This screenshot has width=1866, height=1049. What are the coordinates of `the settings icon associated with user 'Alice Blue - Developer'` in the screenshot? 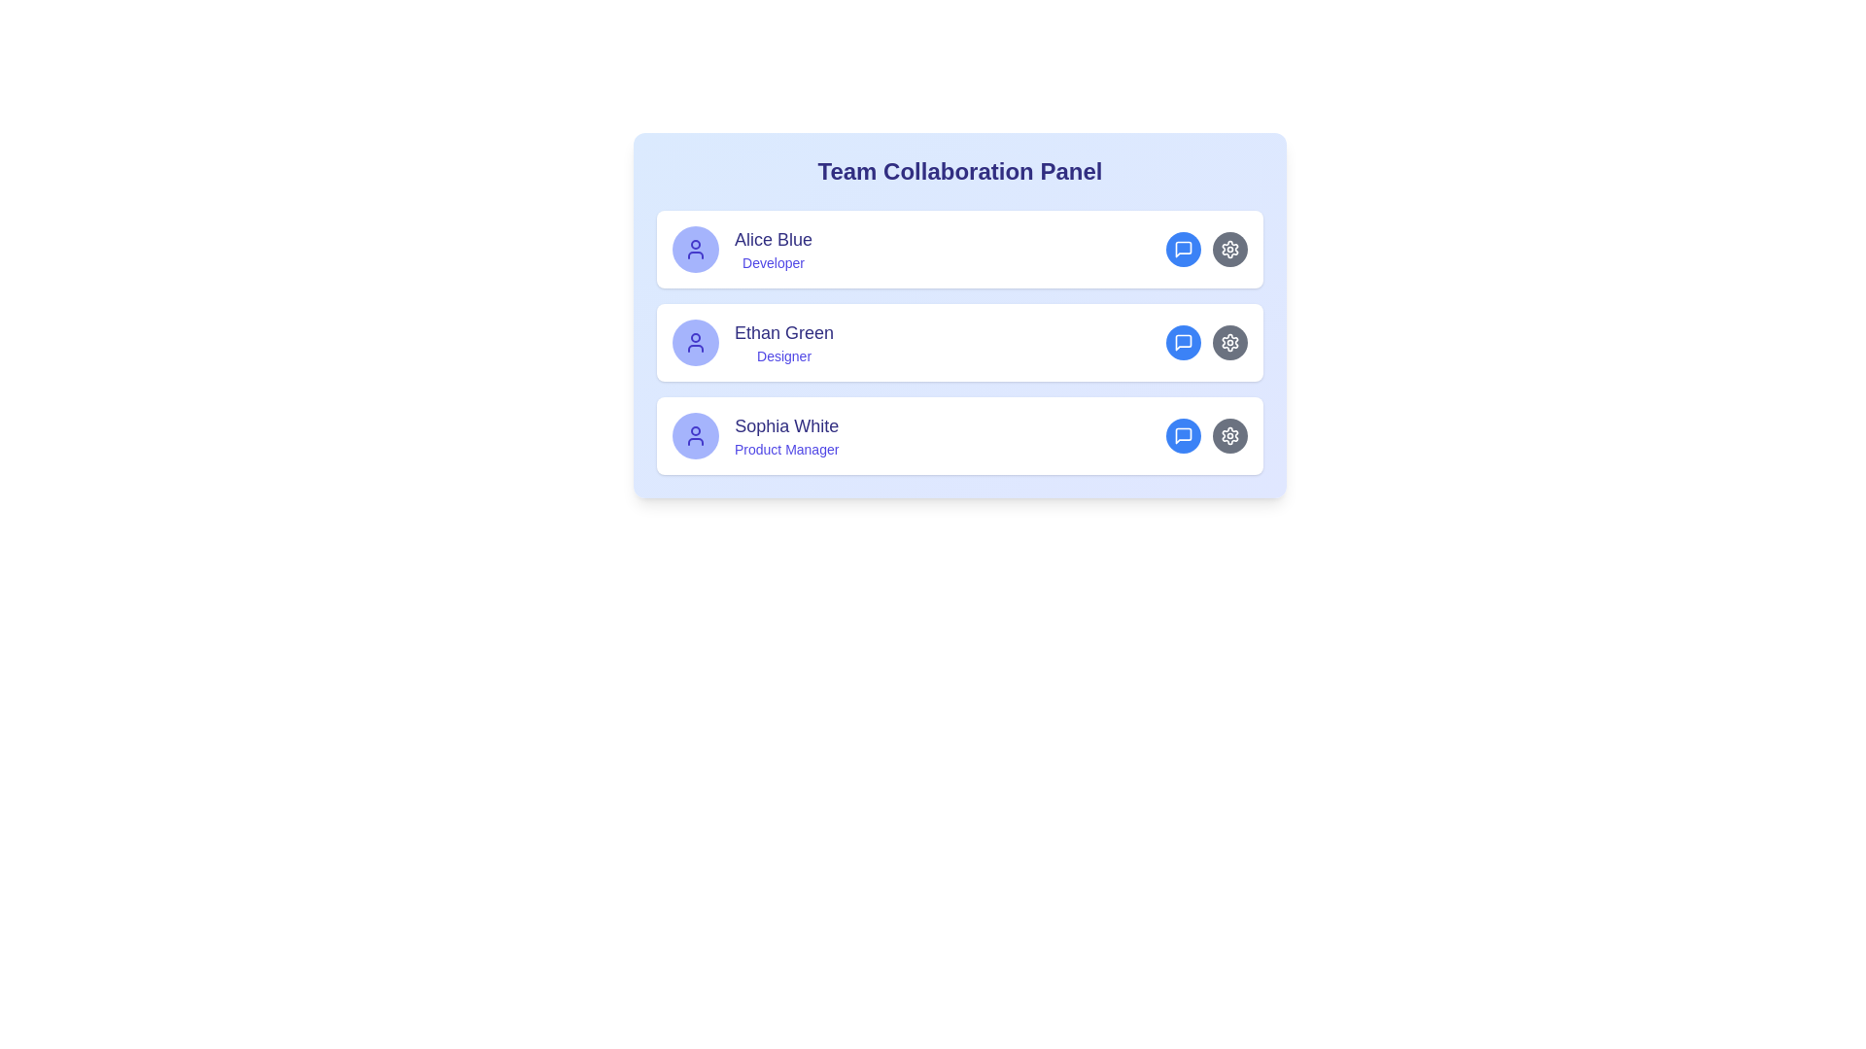 It's located at (1229, 249).